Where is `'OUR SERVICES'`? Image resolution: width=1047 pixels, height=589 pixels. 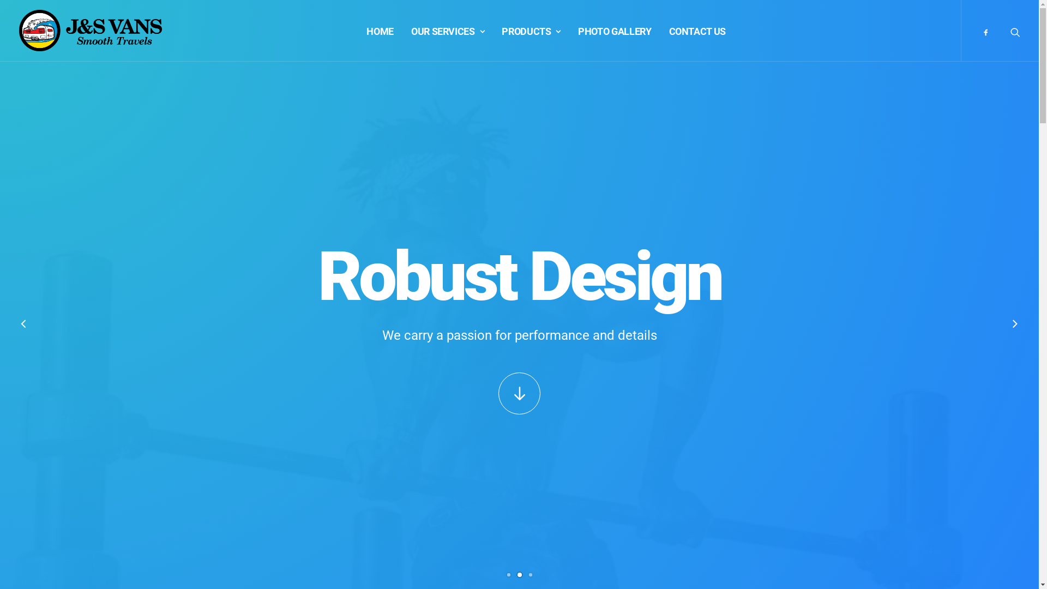 'OUR SERVICES' is located at coordinates (447, 30).